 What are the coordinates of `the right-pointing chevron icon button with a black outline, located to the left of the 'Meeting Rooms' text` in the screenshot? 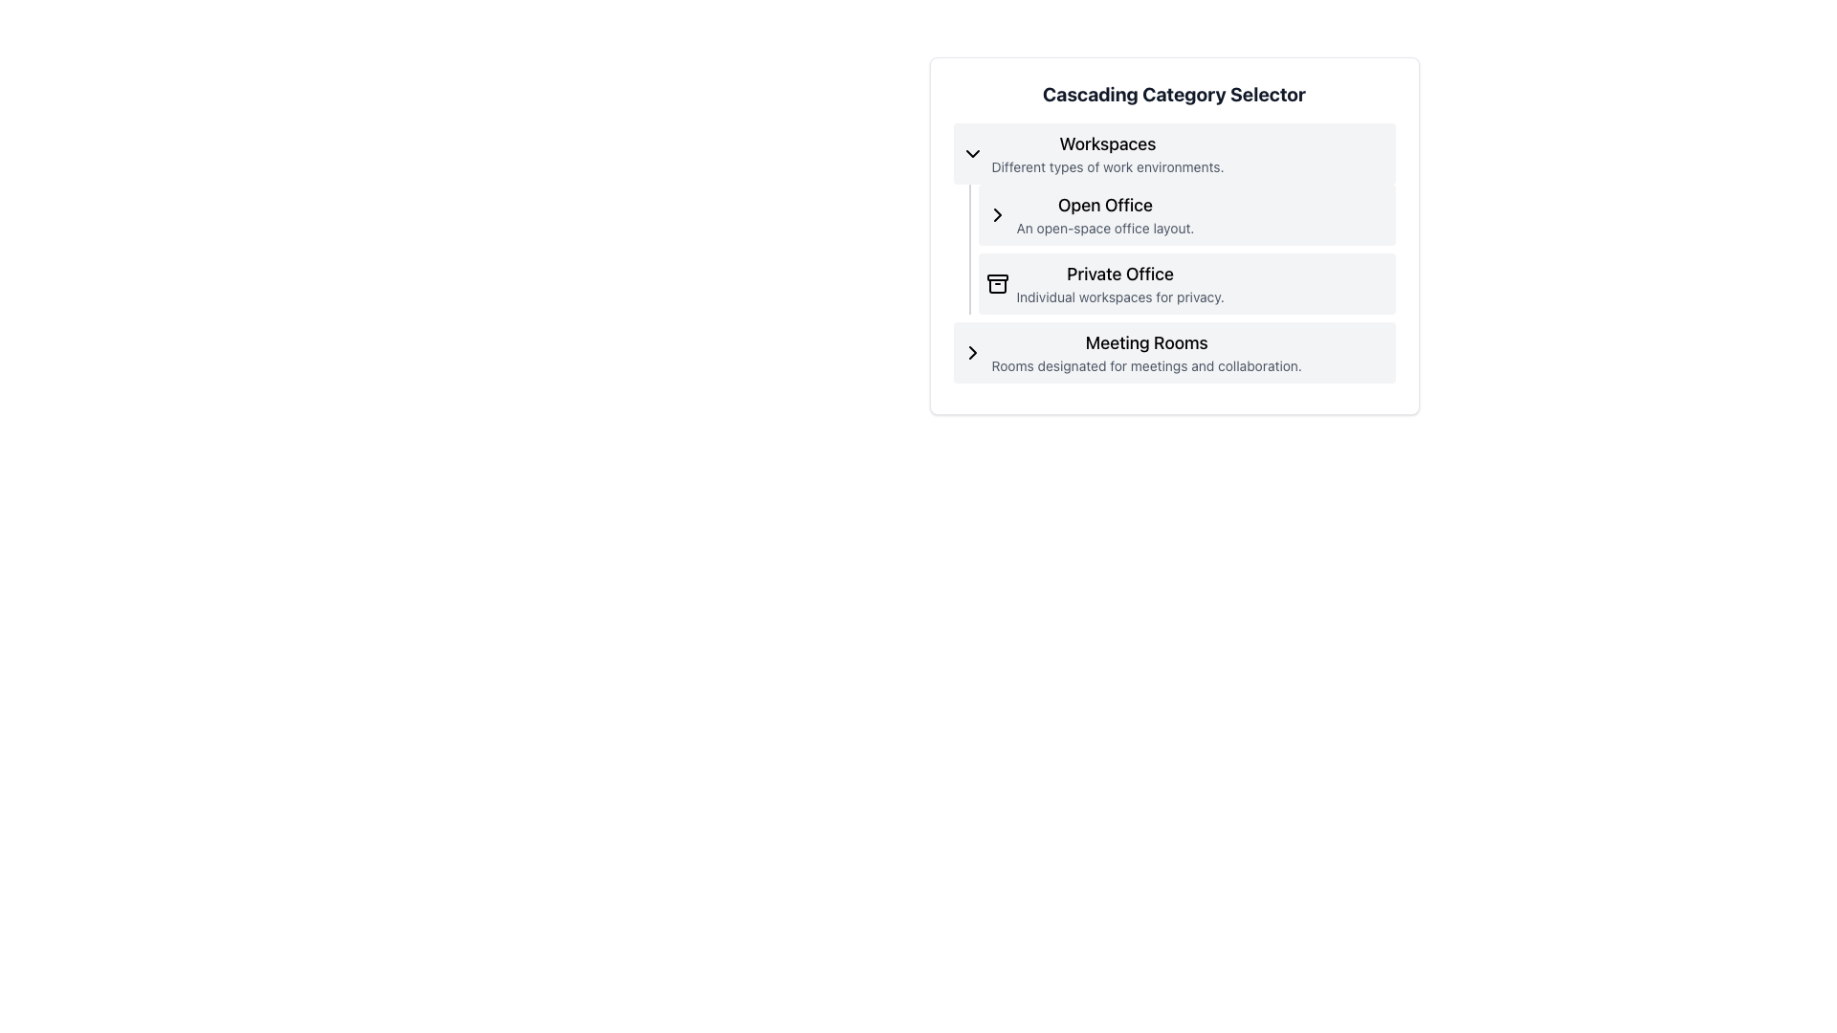 It's located at (972, 353).